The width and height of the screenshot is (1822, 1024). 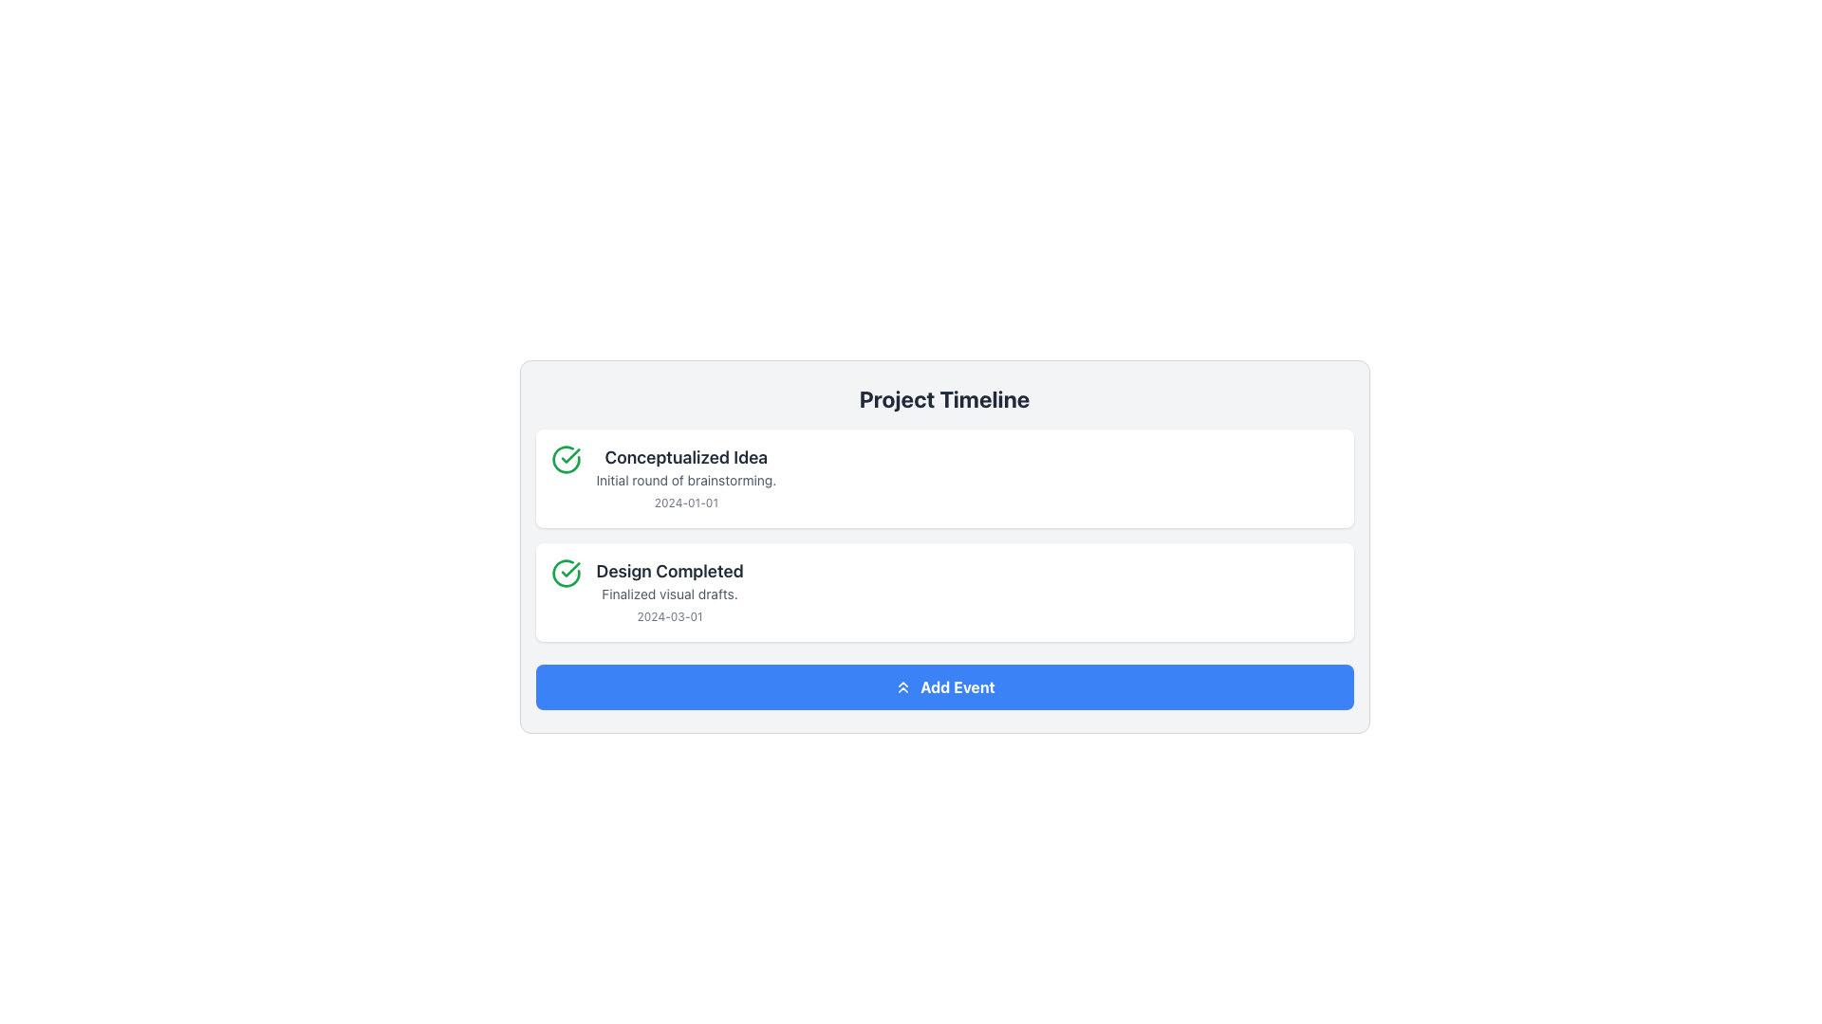 What do you see at coordinates (944, 591) in the screenshot?
I see `the second static informational card that summarizes a stage or milestone in a timeline, located below the 'Conceptualized Idea' card` at bounding box center [944, 591].